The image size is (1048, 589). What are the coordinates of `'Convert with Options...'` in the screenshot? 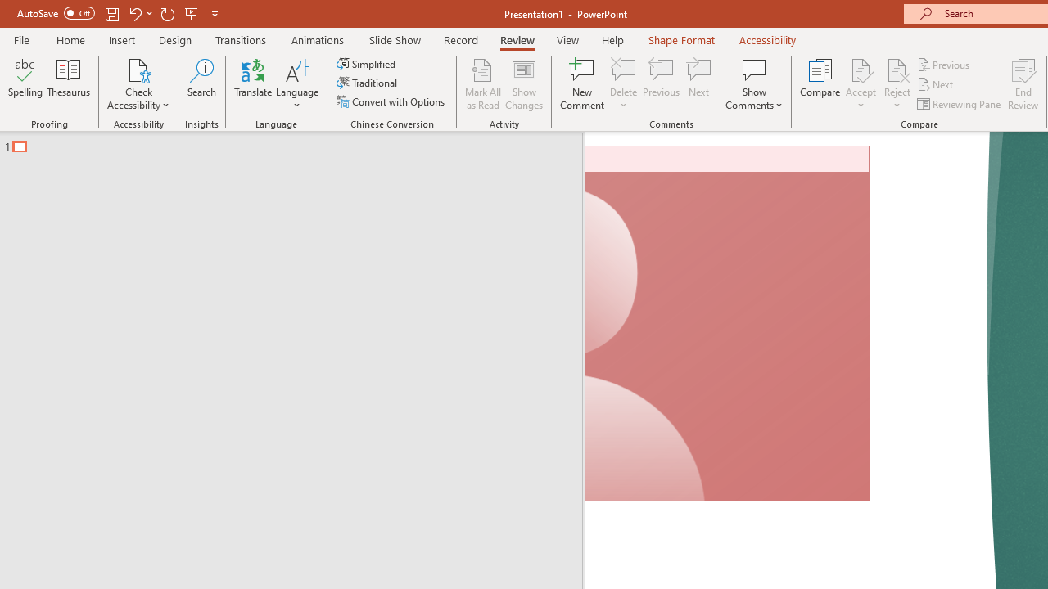 It's located at (391, 101).